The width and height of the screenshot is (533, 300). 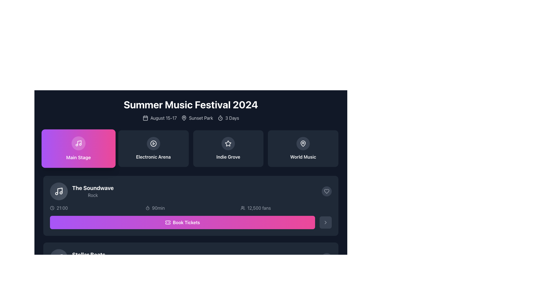 What do you see at coordinates (197, 117) in the screenshot?
I see `text element displaying 'Sunset Park' which is located centrally in the top section of the interface, just below the title 'Summer Music Festival 2024'` at bounding box center [197, 117].